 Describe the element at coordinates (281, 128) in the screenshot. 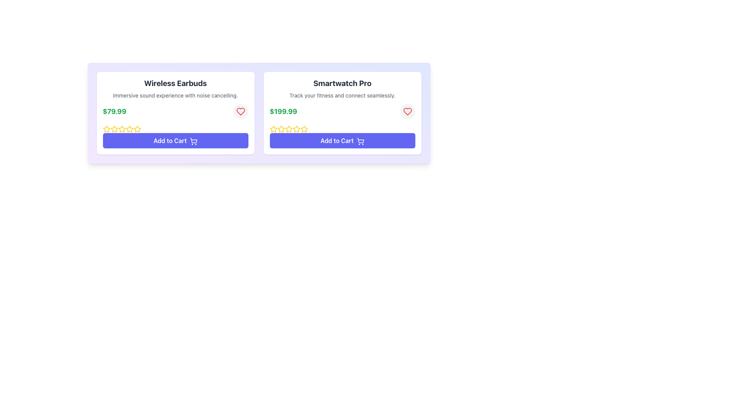

I see `the first rating star for the 'Smartwatch Pro' located under its price in the second product card` at that location.